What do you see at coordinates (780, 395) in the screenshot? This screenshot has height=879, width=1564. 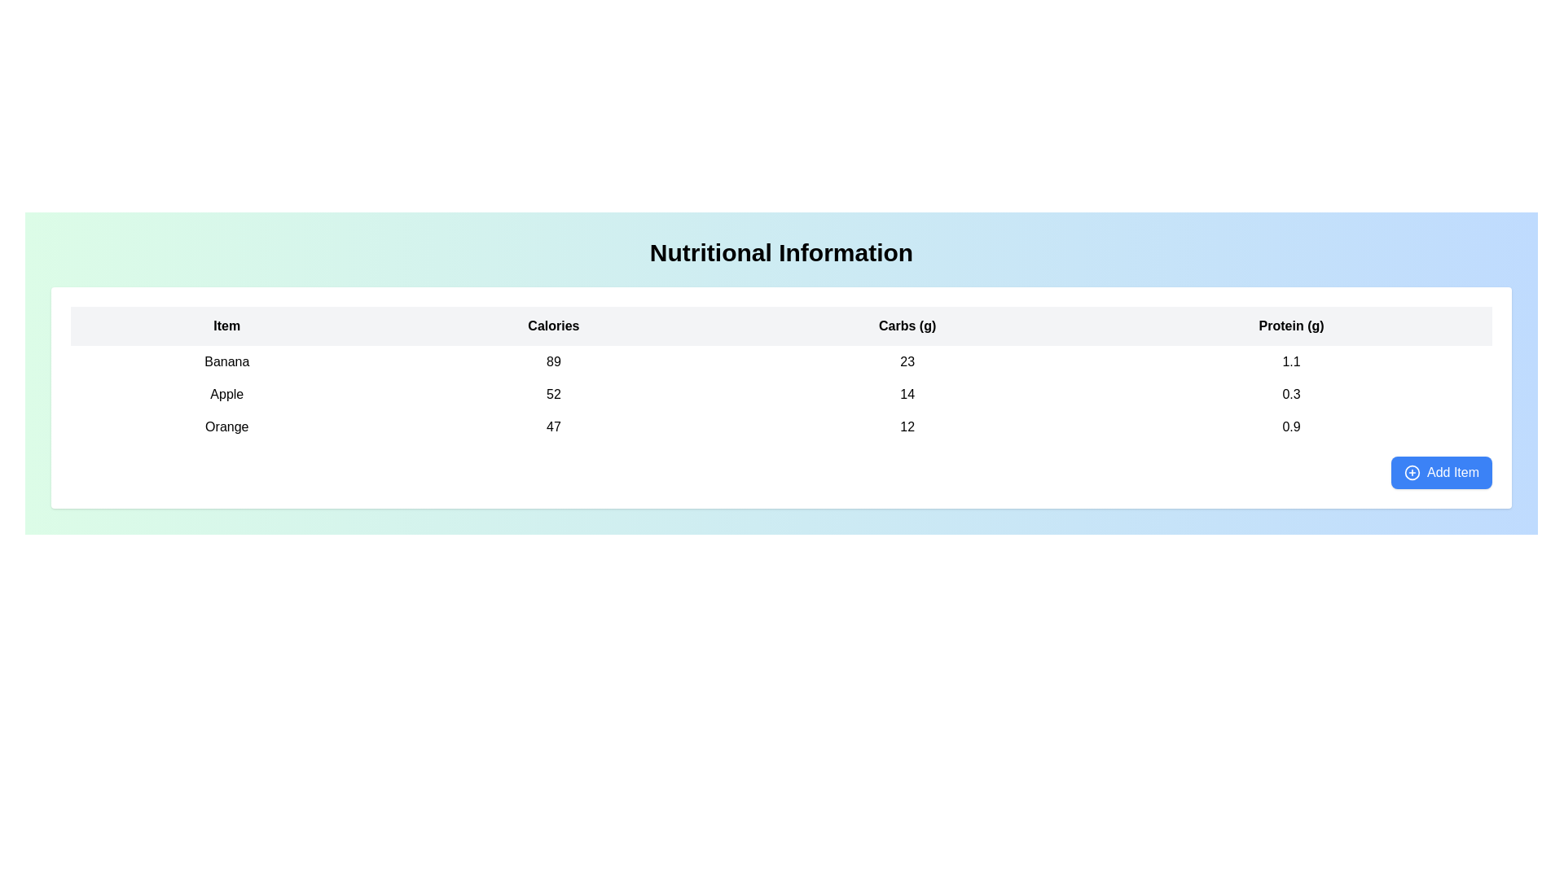 I see `the second row of the nutritional information table which presents details about 'Apple' for further interaction` at bounding box center [780, 395].